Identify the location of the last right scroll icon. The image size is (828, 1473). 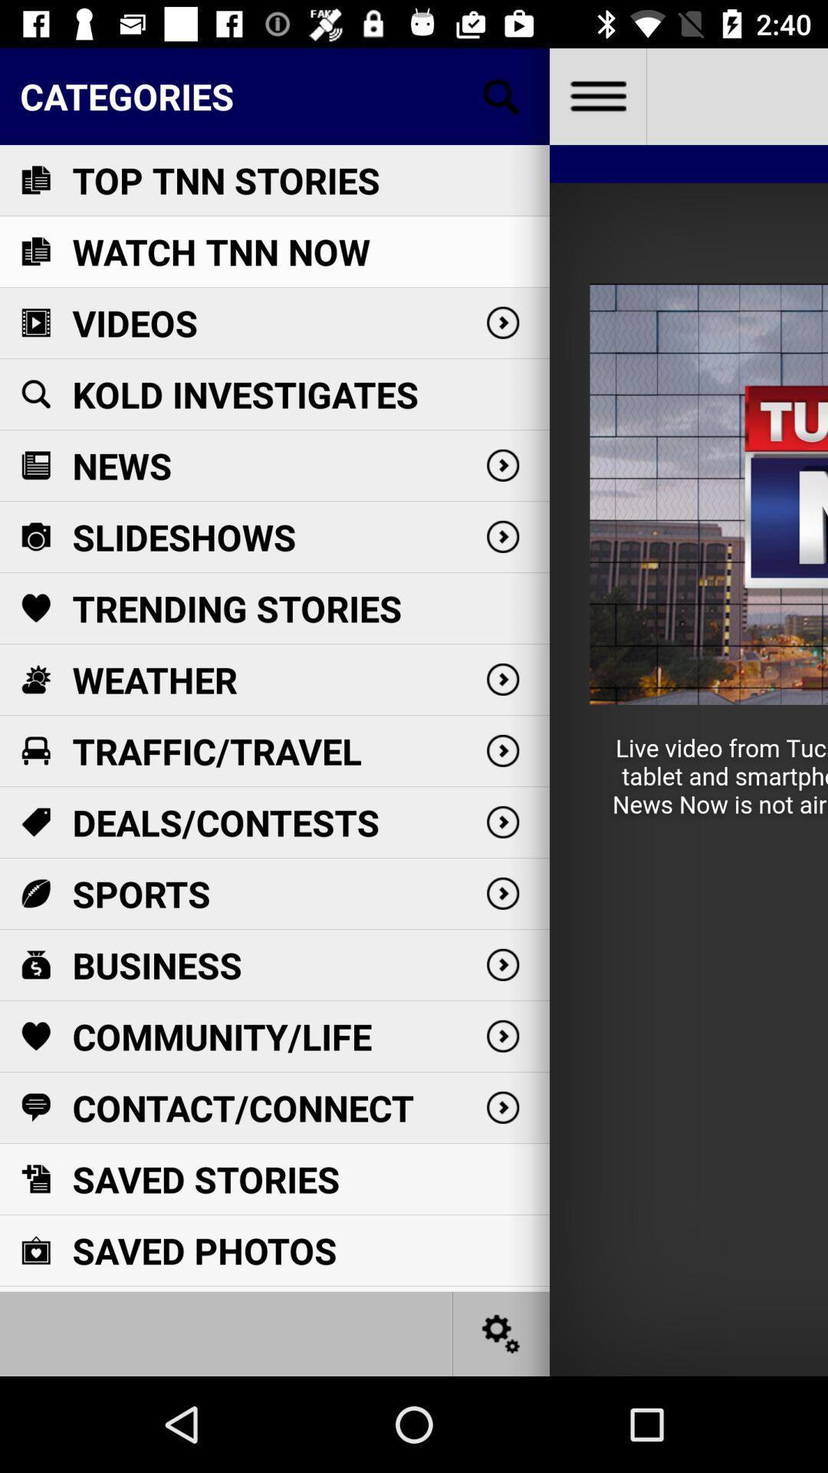
(502, 1108).